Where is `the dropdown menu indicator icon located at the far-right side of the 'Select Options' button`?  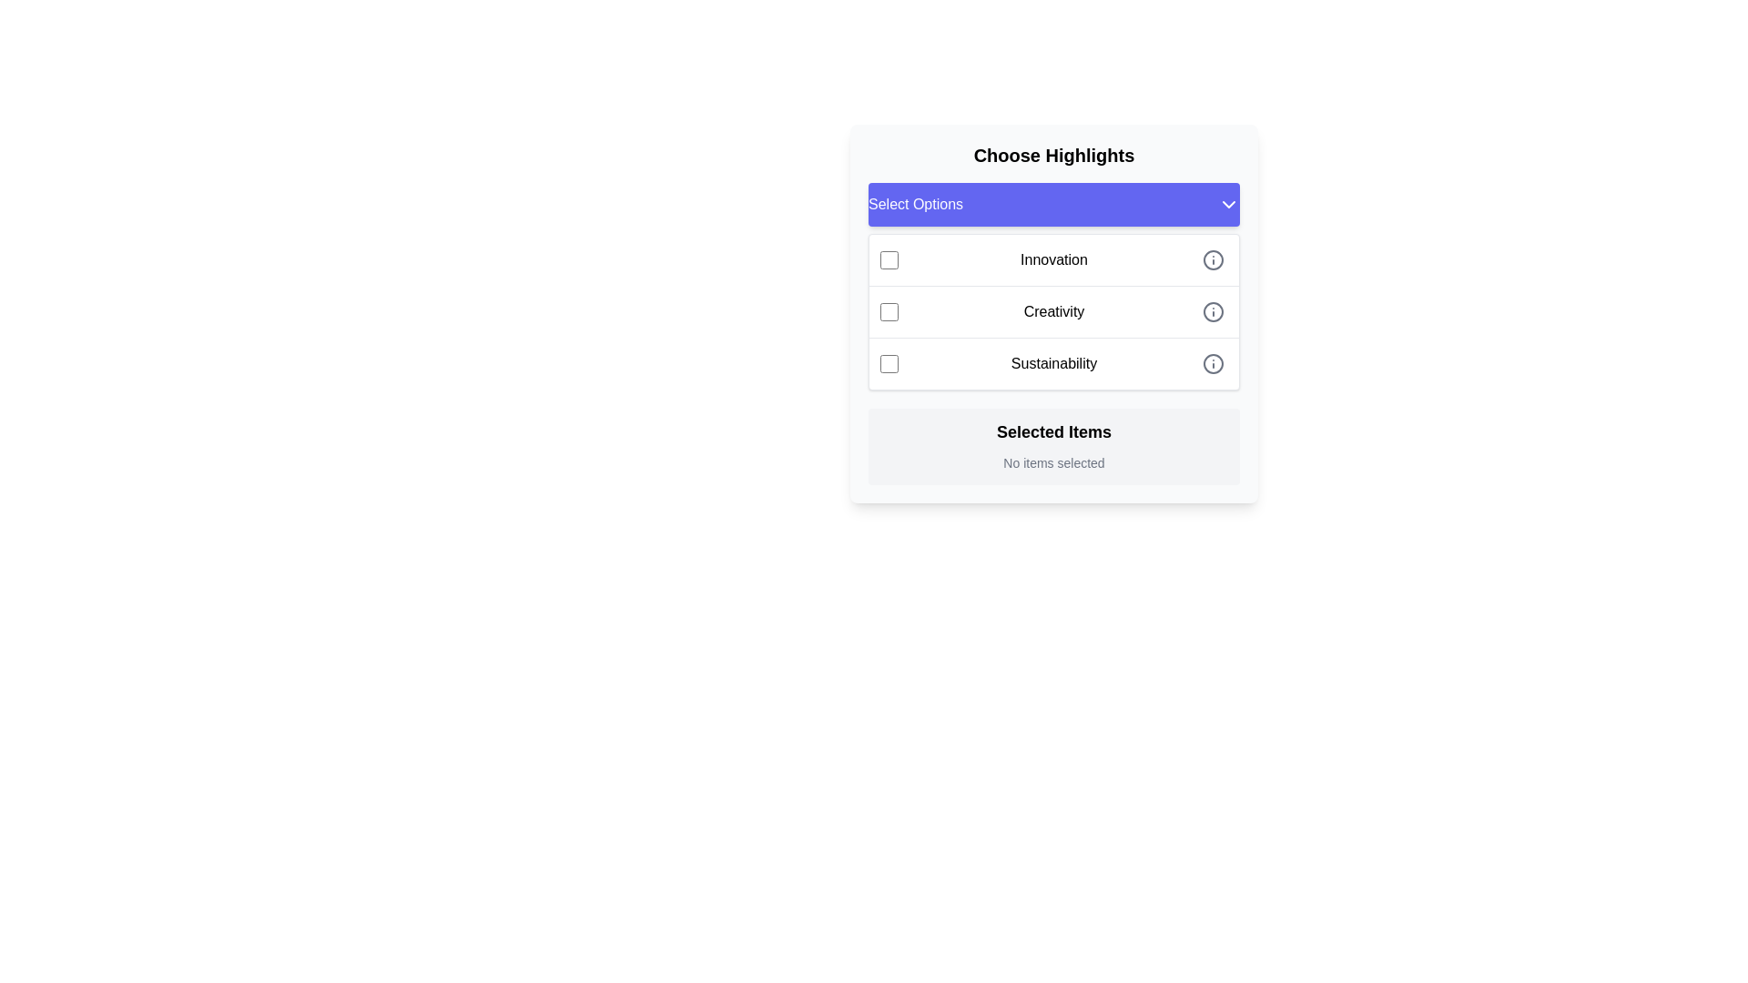 the dropdown menu indicator icon located at the far-right side of the 'Select Options' button is located at coordinates (1228, 204).